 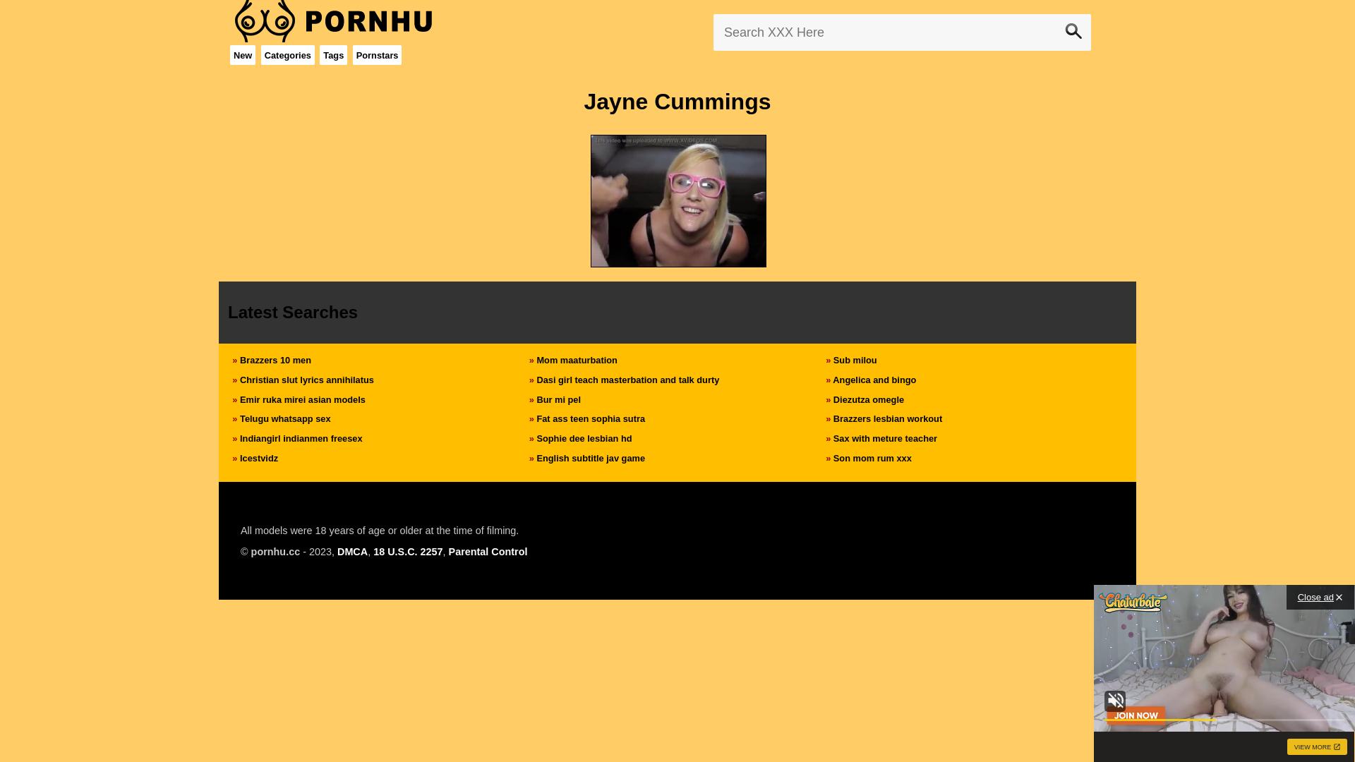 I want to click on 'Bur mi pel', so click(x=558, y=399).